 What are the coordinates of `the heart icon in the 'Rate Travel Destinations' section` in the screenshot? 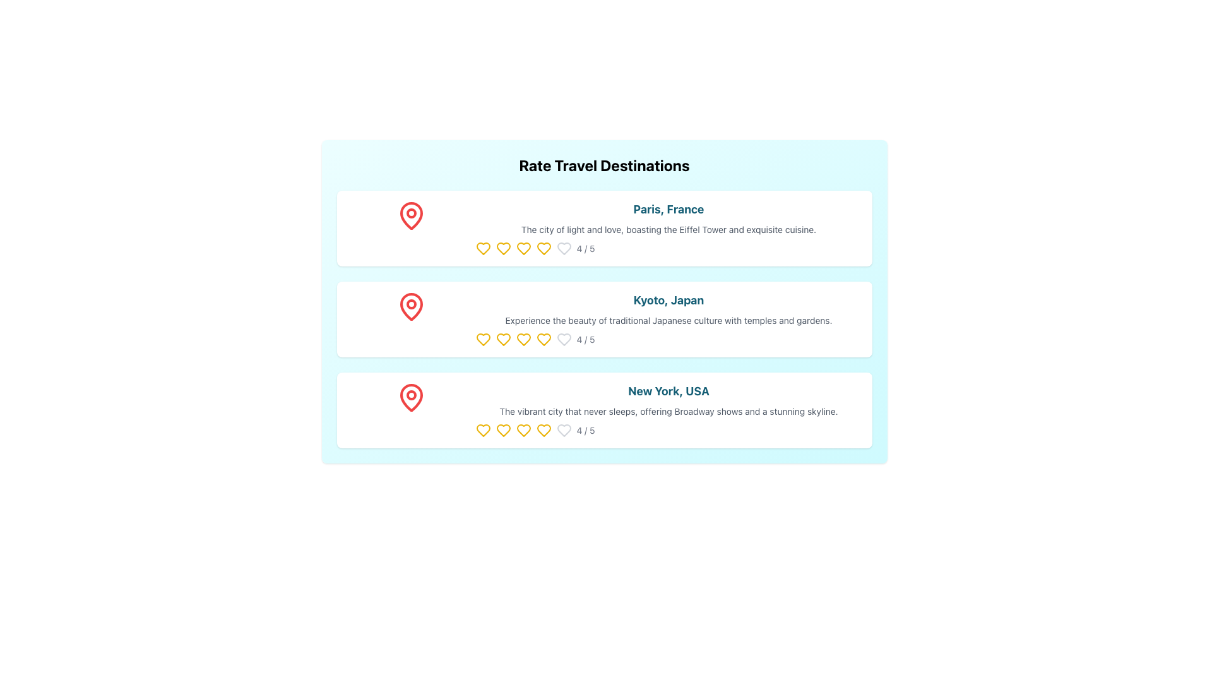 It's located at (563, 338).